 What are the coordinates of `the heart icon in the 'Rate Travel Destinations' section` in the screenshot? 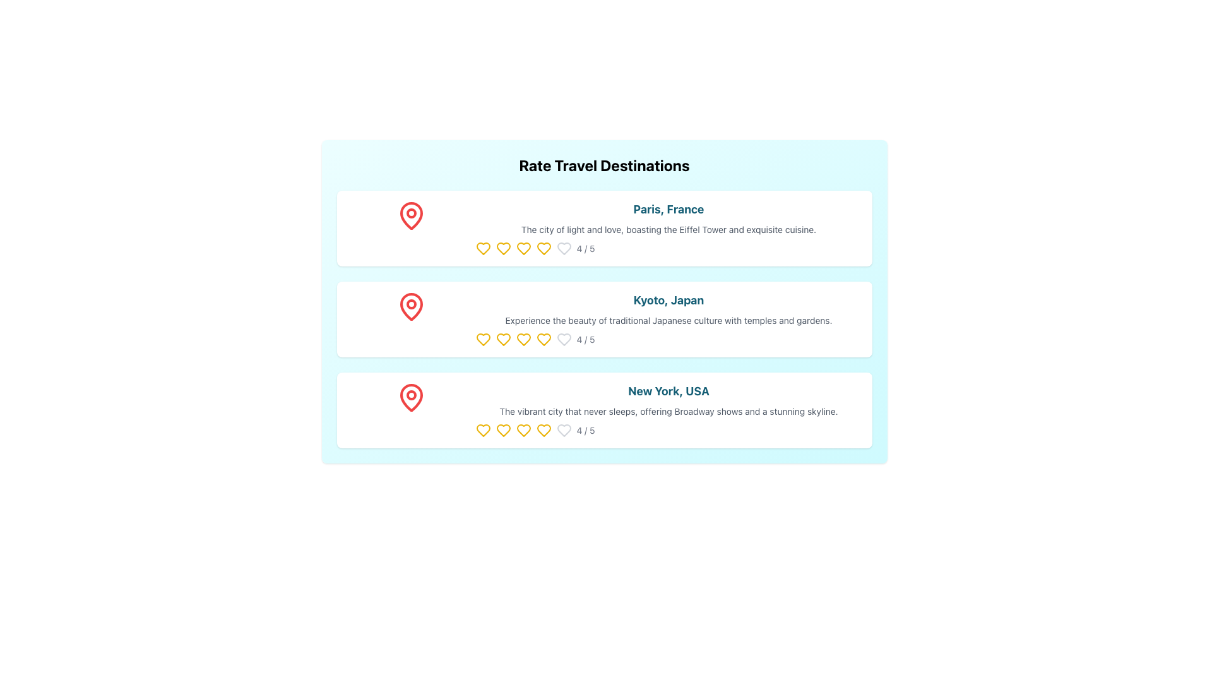 It's located at (563, 338).